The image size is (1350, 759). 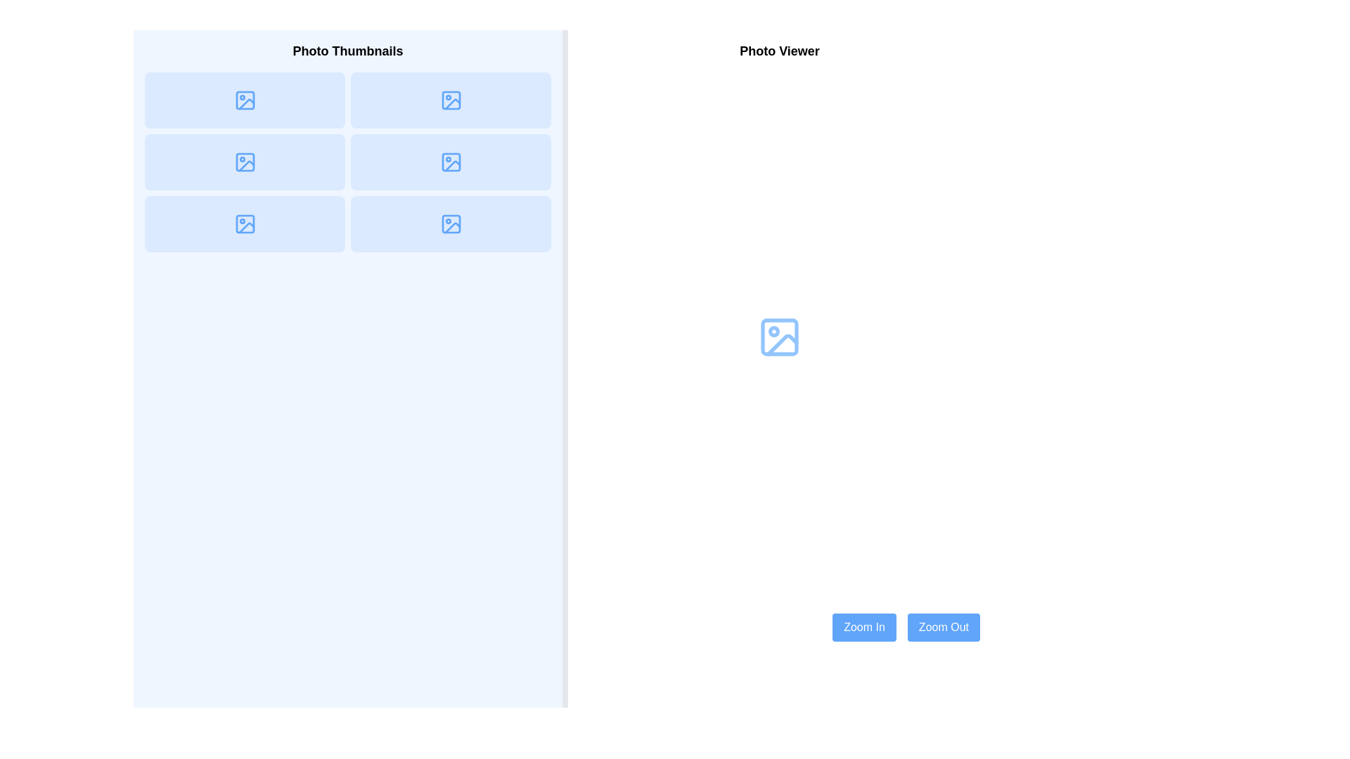 I want to click on the rectangular graphical element with rounded corners that is nested within the photo icon, located in the 'Photo Viewer' section on the right side of the interface, so click(x=778, y=337).